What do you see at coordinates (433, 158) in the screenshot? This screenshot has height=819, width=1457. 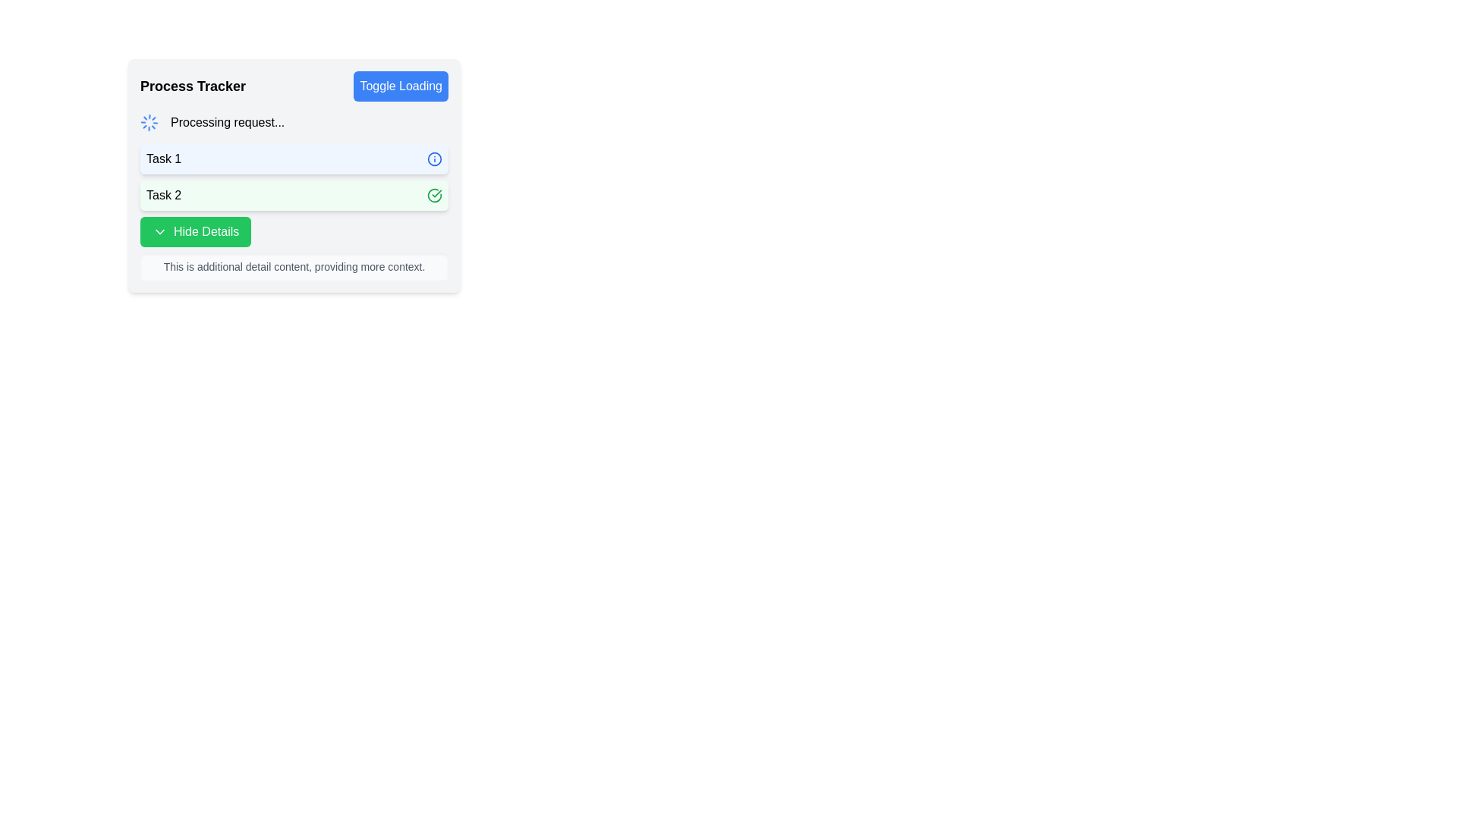 I see `the information icon located on the rightmost side of the 'Task 1' task block` at bounding box center [433, 158].